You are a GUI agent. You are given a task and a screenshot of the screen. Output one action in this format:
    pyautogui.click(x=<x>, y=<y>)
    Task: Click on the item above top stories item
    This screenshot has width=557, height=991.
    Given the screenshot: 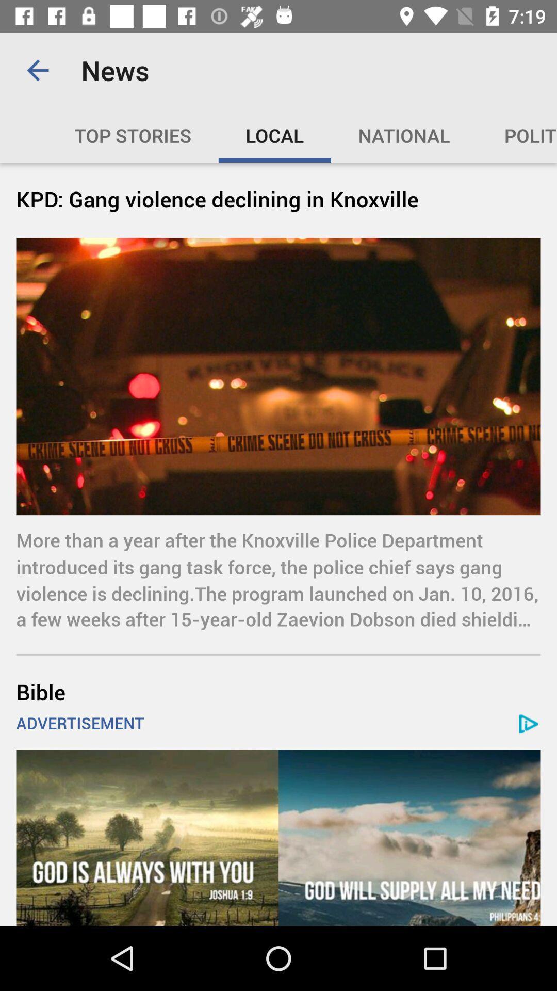 What is the action you would take?
    pyautogui.click(x=37, y=70)
    